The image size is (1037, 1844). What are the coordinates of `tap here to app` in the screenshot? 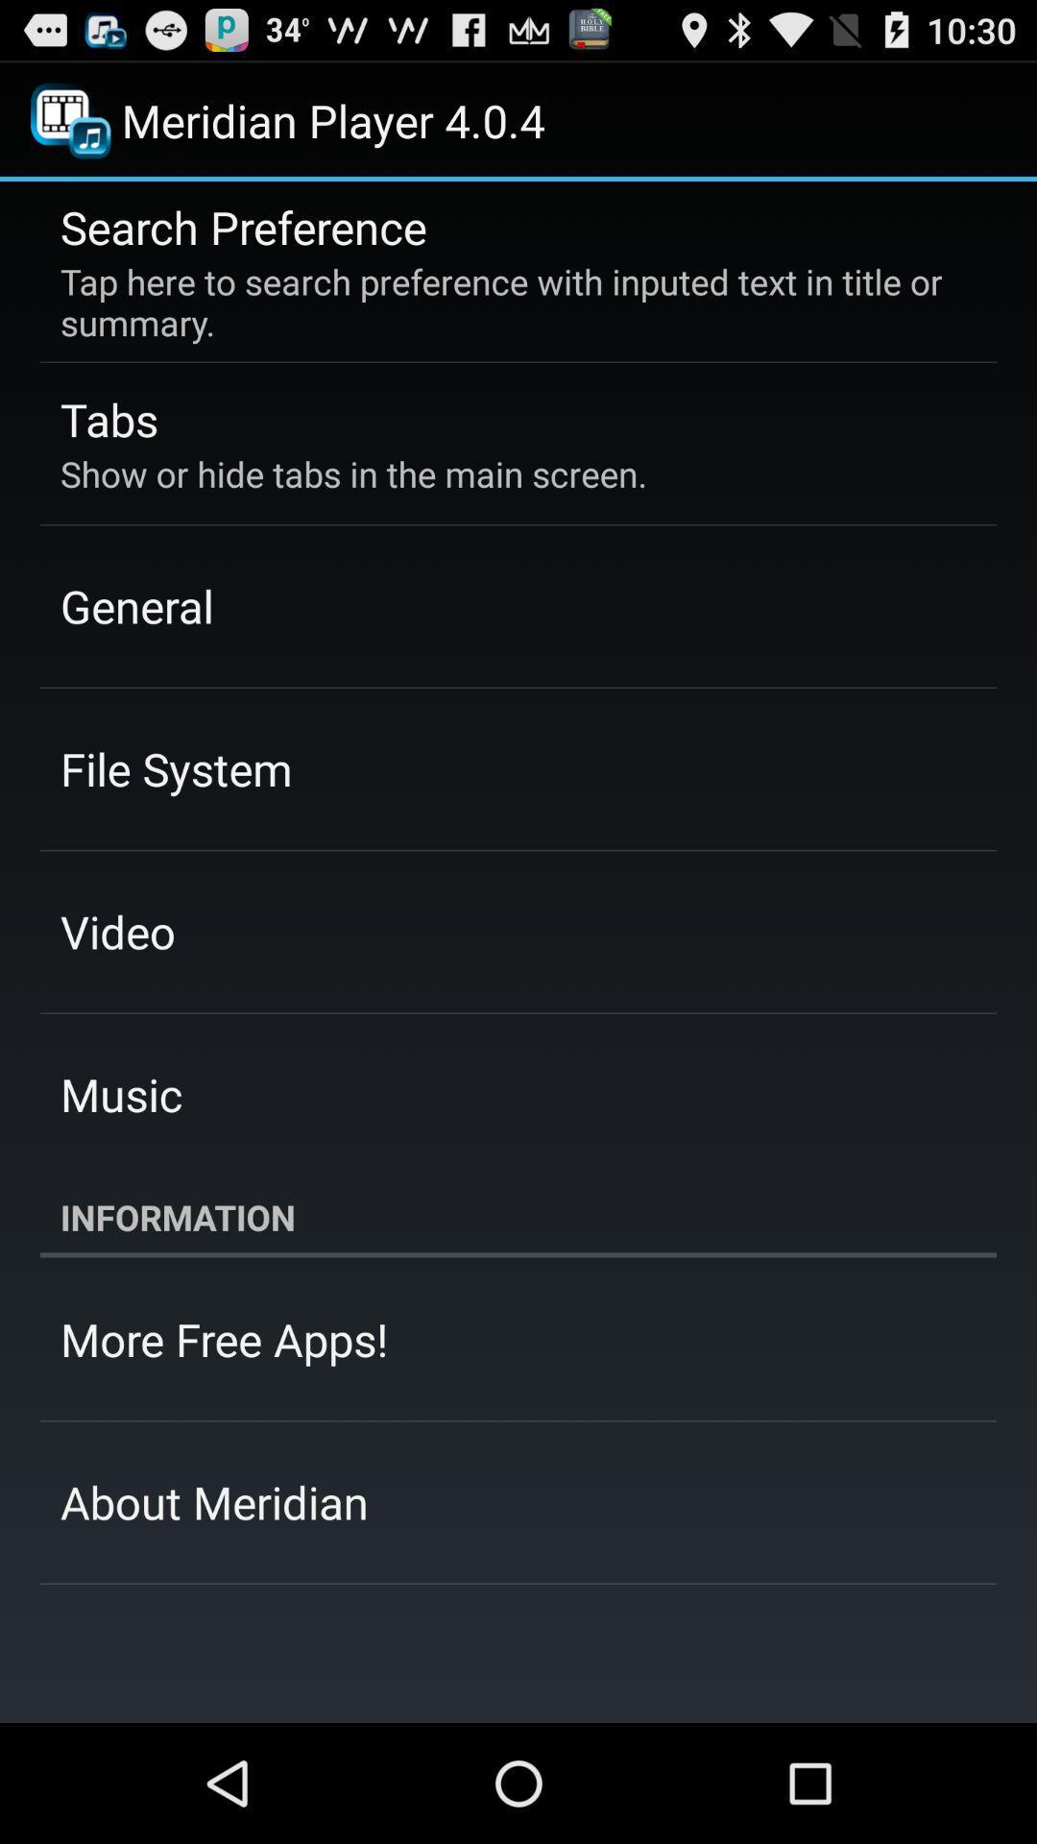 It's located at (504, 301).